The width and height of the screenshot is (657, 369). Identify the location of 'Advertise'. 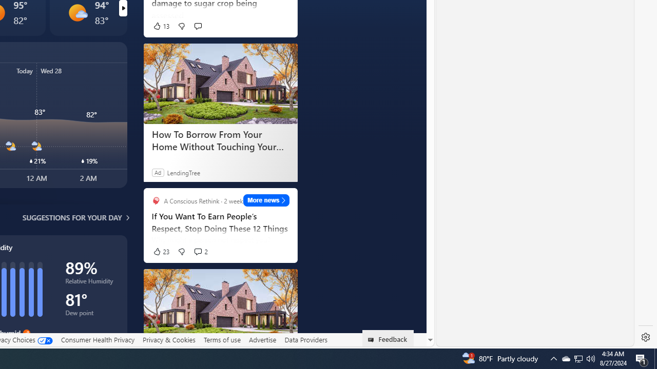
(262, 339).